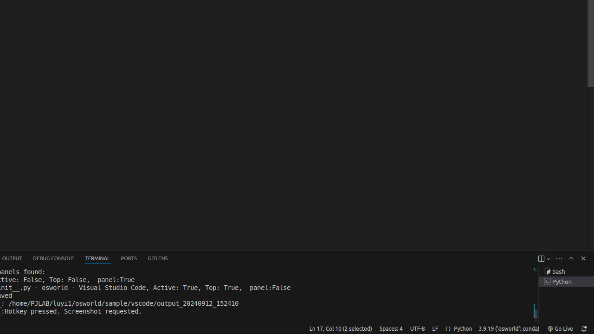 The height and width of the screenshot is (334, 594). Describe the element at coordinates (157, 258) in the screenshot. I see `'GitLens'` at that location.